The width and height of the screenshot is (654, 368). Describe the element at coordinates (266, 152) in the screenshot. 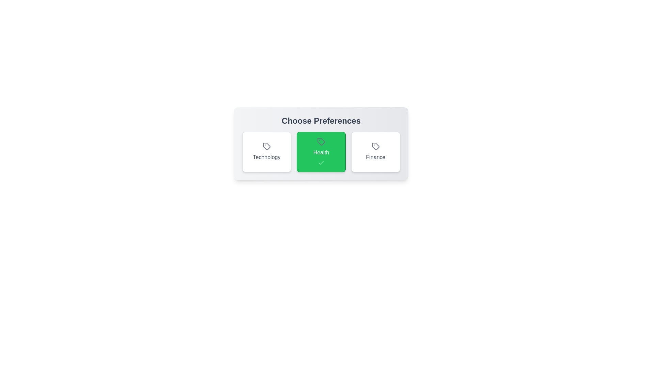

I see `the preference button labeled Technology` at that location.